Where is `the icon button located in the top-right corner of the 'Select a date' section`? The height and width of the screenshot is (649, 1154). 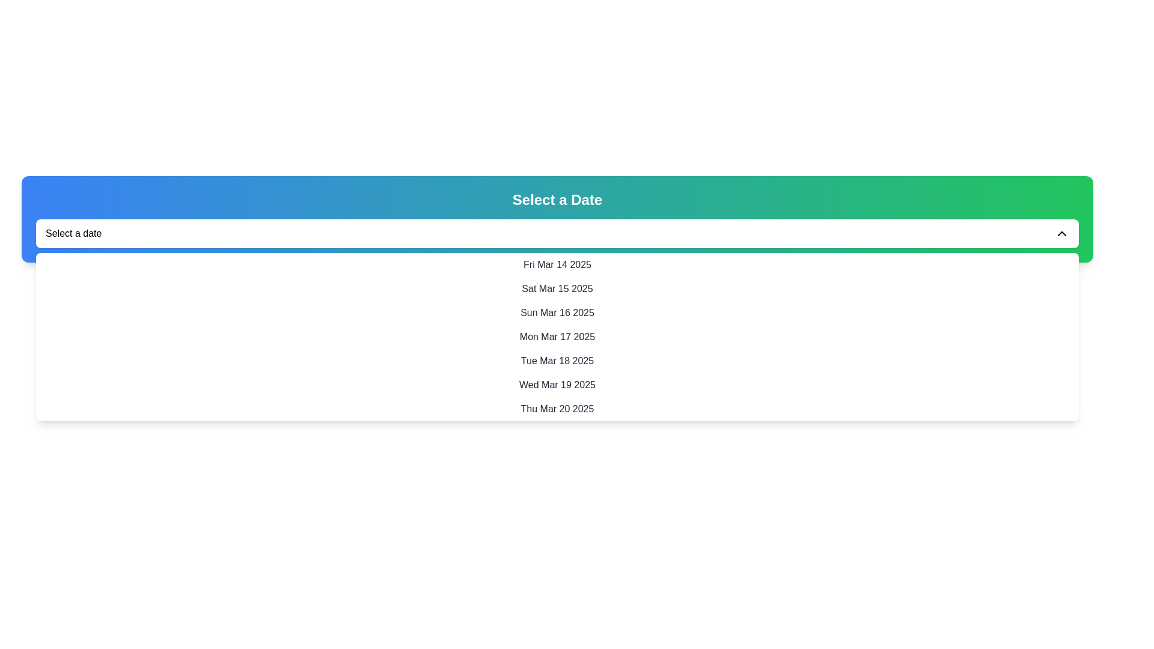
the icon button located in the top-right corner of the 'Select a date' section is located at coordinates (1061, 234).